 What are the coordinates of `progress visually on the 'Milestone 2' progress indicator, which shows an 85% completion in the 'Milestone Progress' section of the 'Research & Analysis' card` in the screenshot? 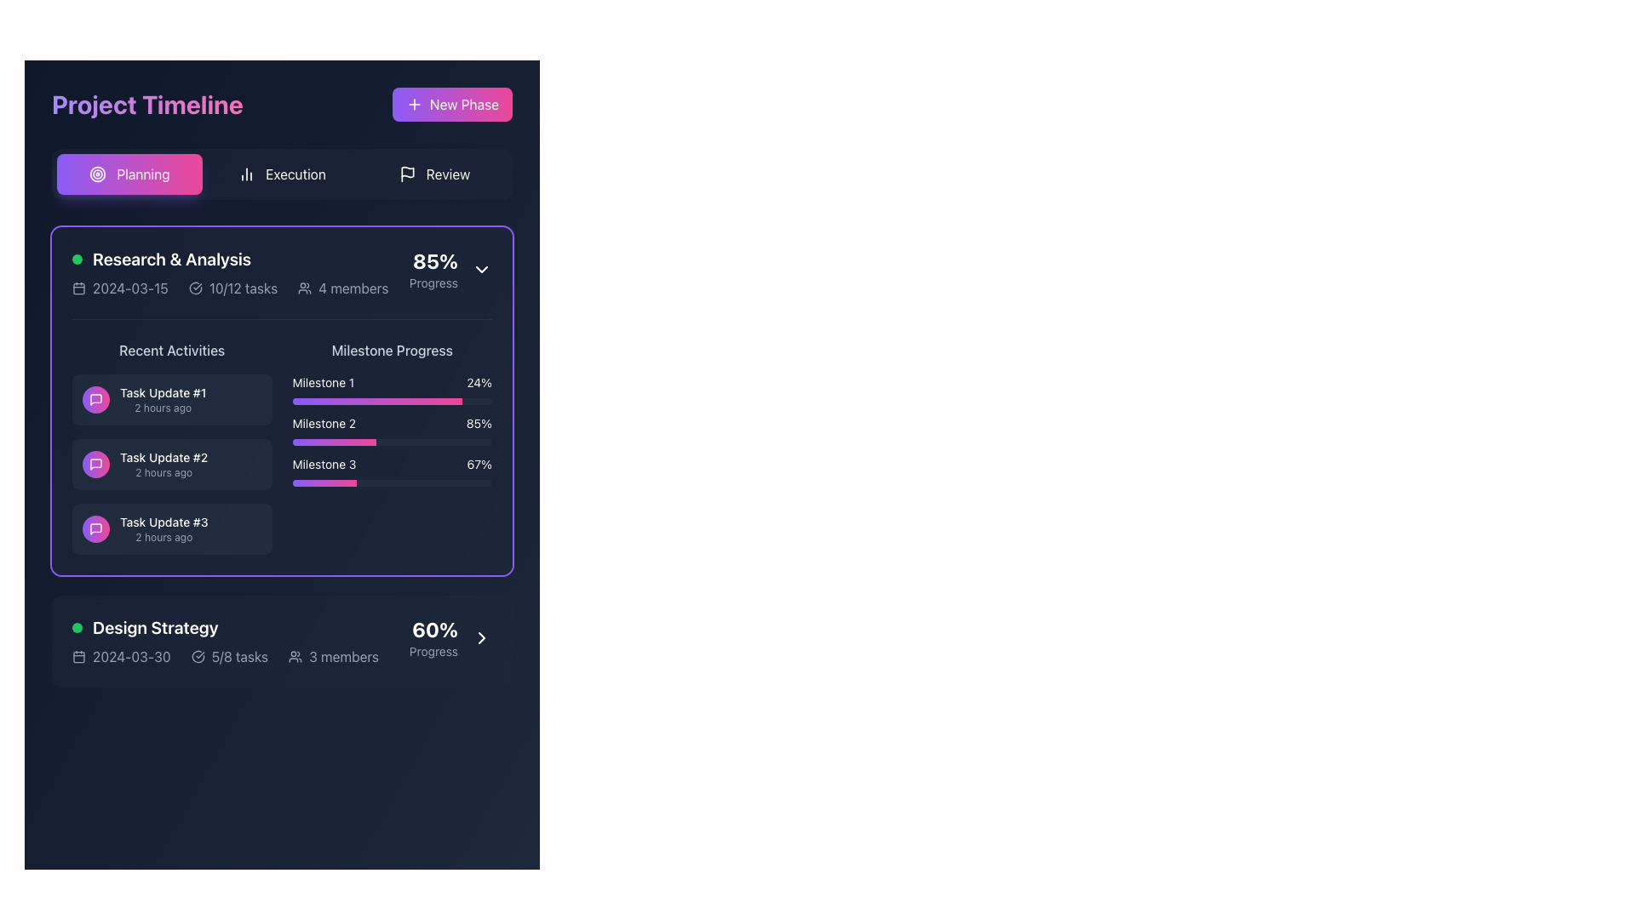 It's located at (391, 429).